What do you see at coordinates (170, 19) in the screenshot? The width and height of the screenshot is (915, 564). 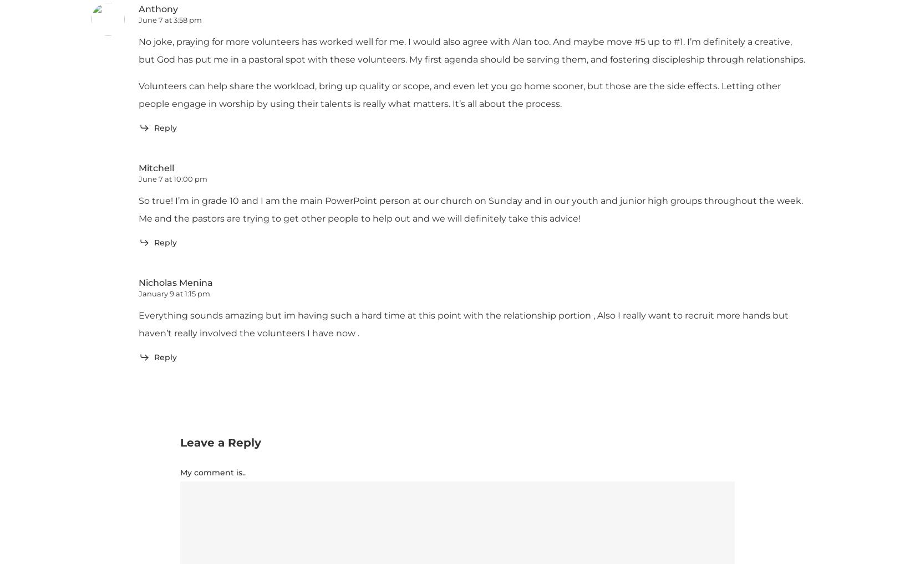 I see `'June 7 at 3:58 pm'` at bounding box center [170, 19].